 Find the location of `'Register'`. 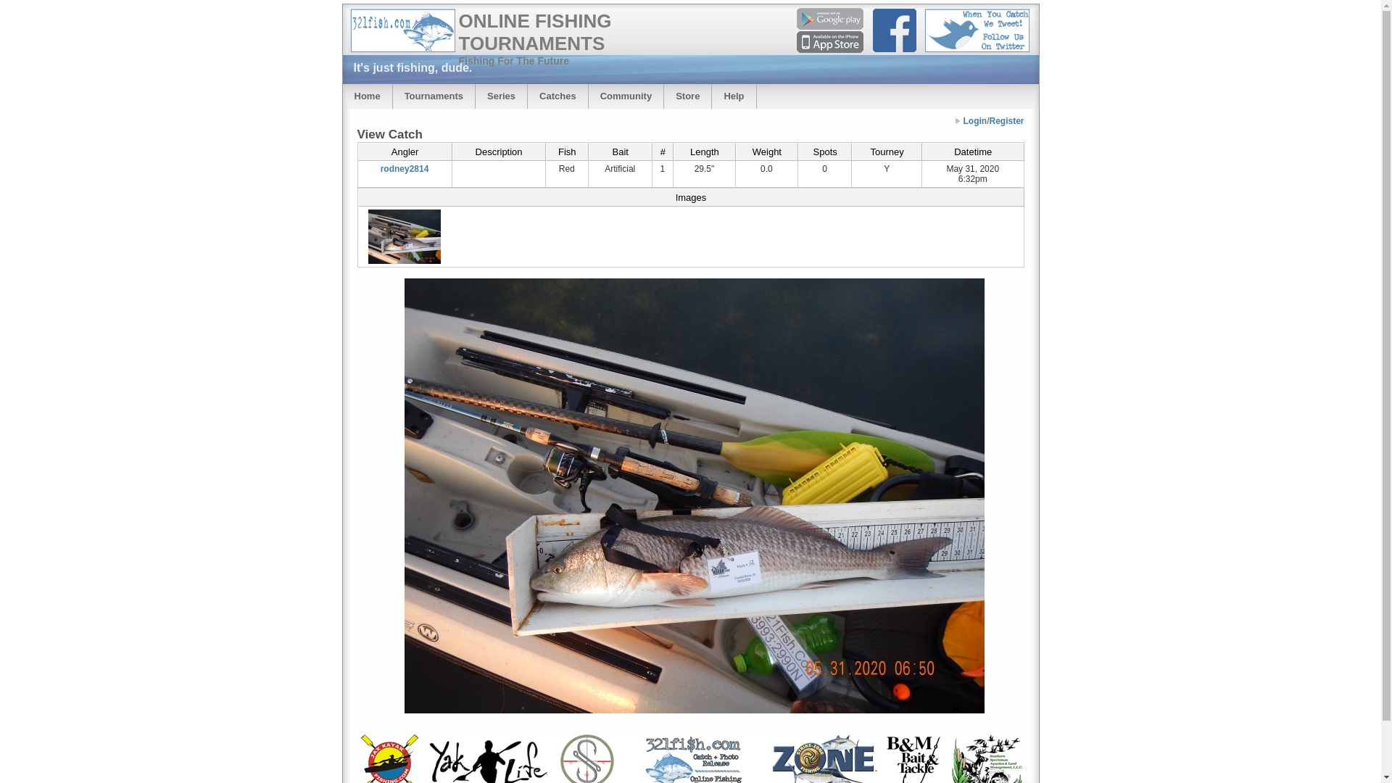

'Register' is located at coordinates (1005, 120).